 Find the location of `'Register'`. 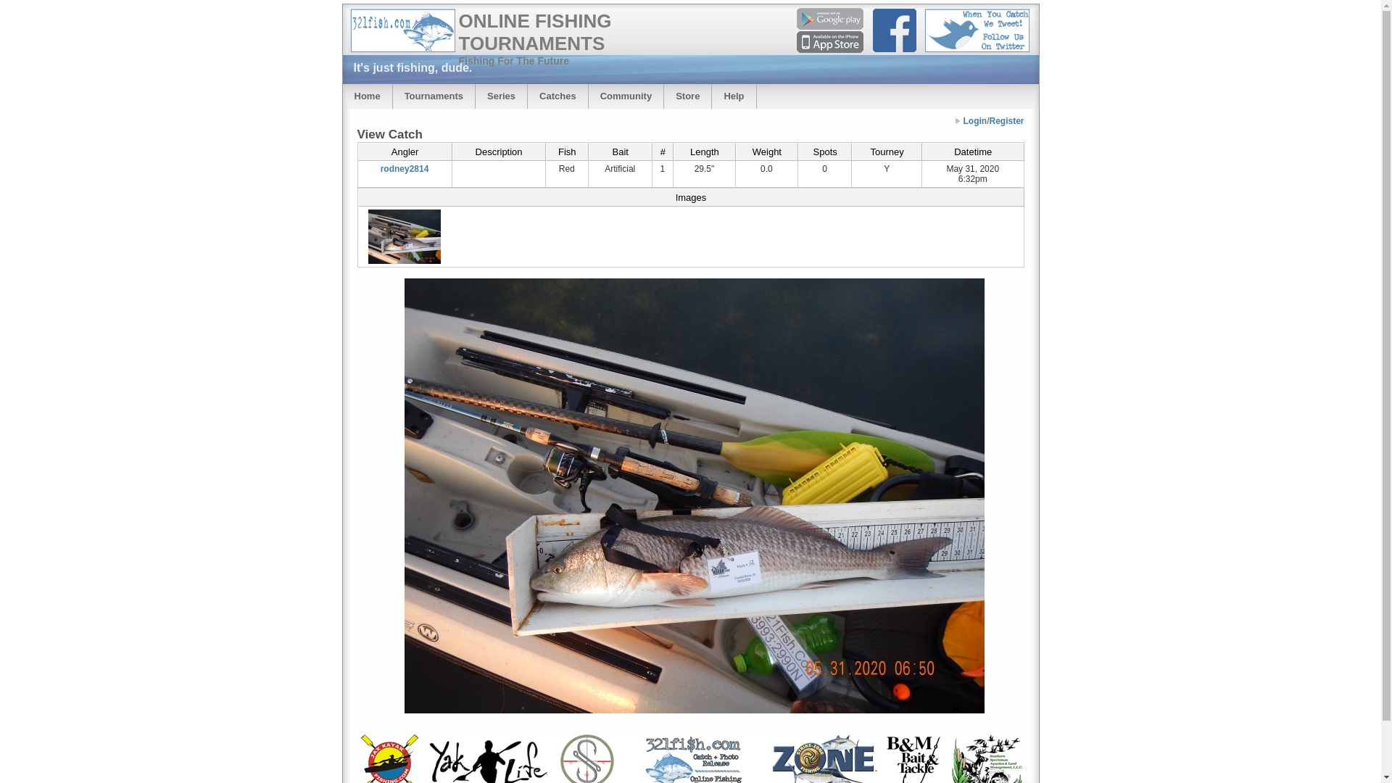

'Register' is located at coordinates (1005, 120).